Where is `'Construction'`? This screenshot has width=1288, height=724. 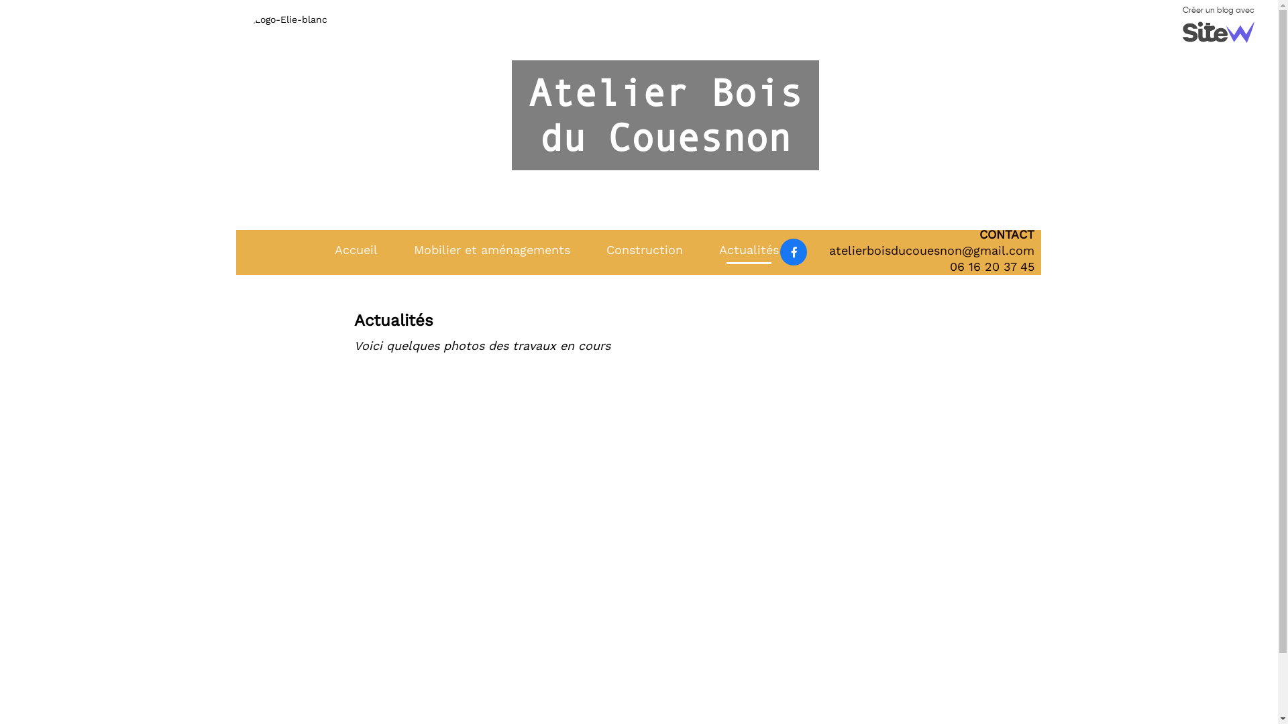
'Construction' is located at coordinates (599, 250).